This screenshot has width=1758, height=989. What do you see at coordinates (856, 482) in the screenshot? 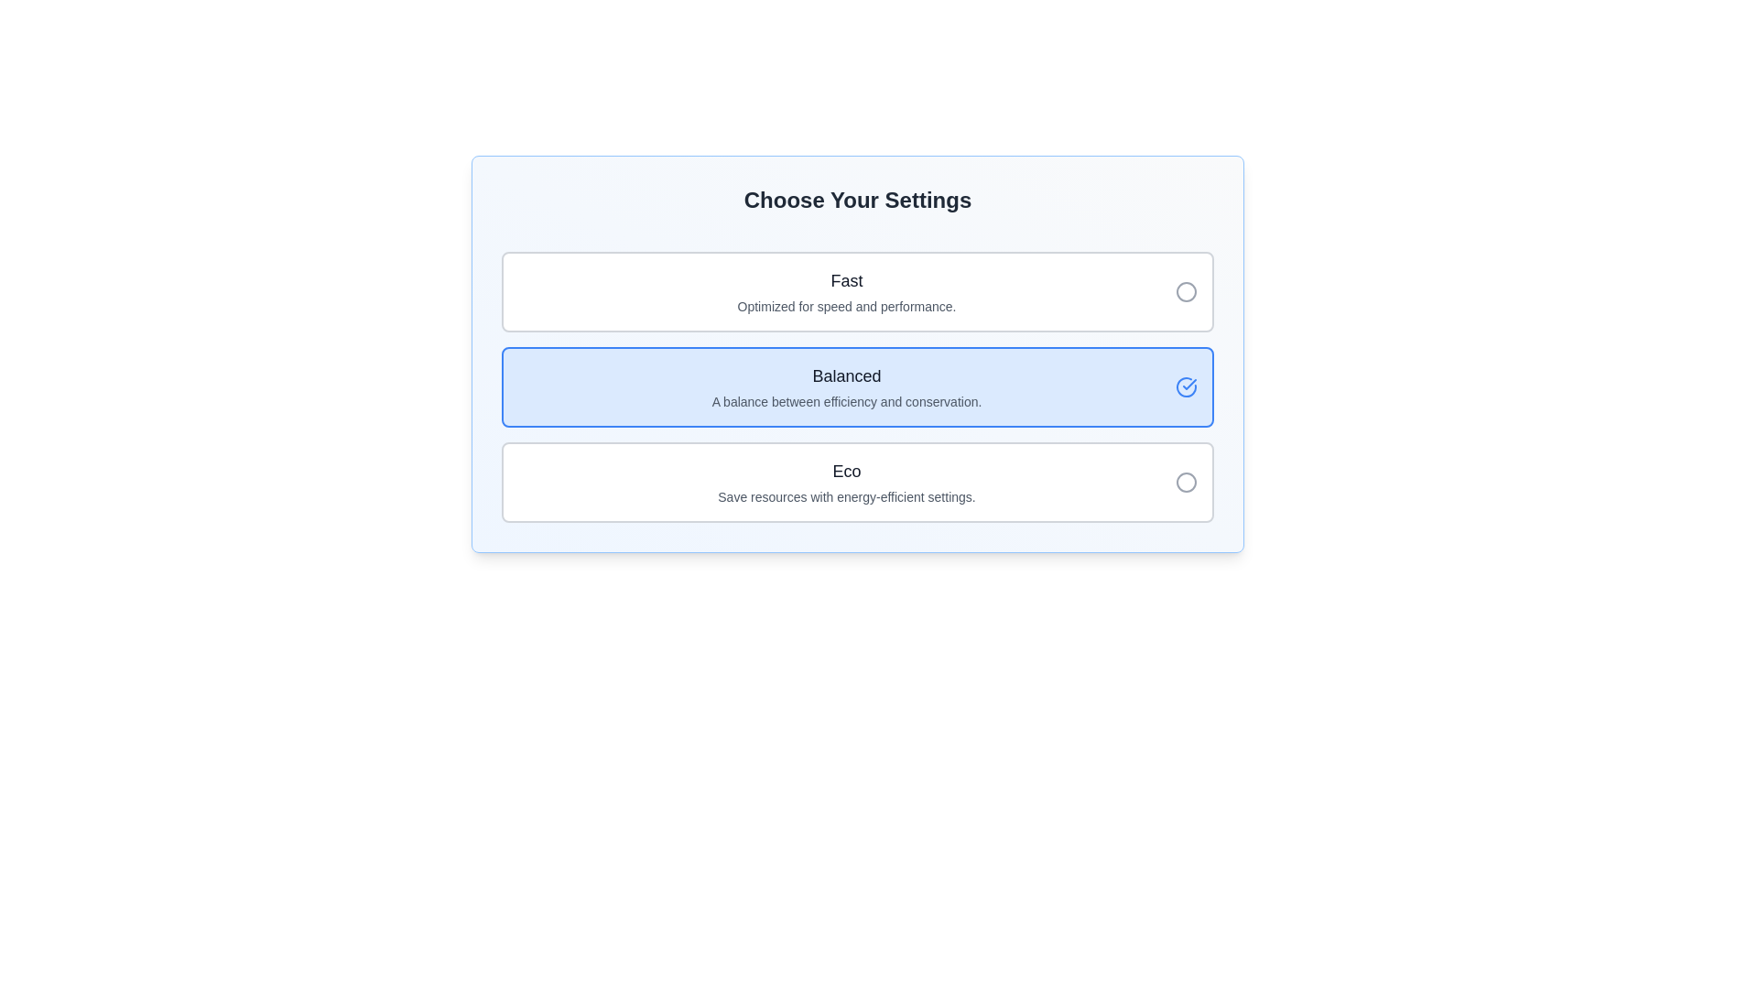
I see `the 'Eco' selectable option, which is styled with a white background and gray border, located in the third position under the 'Choose Your Settings' label` at bounding box center [856, 482].